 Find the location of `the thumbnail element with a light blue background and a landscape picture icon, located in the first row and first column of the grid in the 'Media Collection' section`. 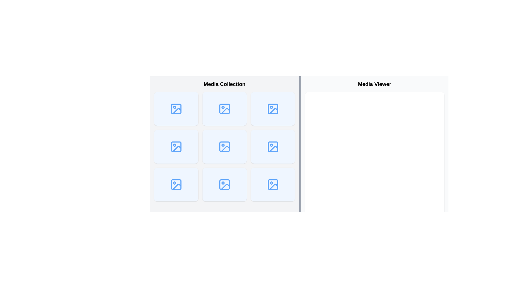

the thumbnail element with a light blue background and a landscape picture icon, located in the first row and first column of the grid in the 'Media Collection' section is located at coordinates (176, 108).